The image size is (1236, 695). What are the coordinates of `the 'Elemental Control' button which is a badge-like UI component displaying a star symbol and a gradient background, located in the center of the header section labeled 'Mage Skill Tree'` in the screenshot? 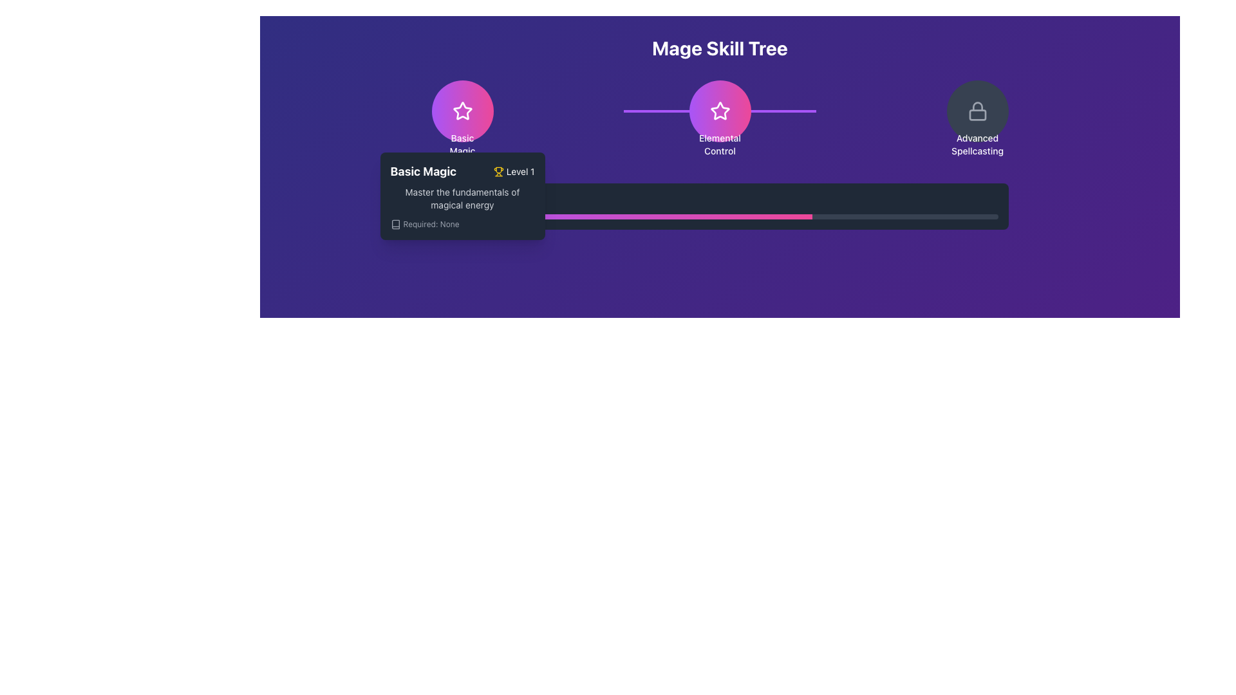 It's located at (719, 133).